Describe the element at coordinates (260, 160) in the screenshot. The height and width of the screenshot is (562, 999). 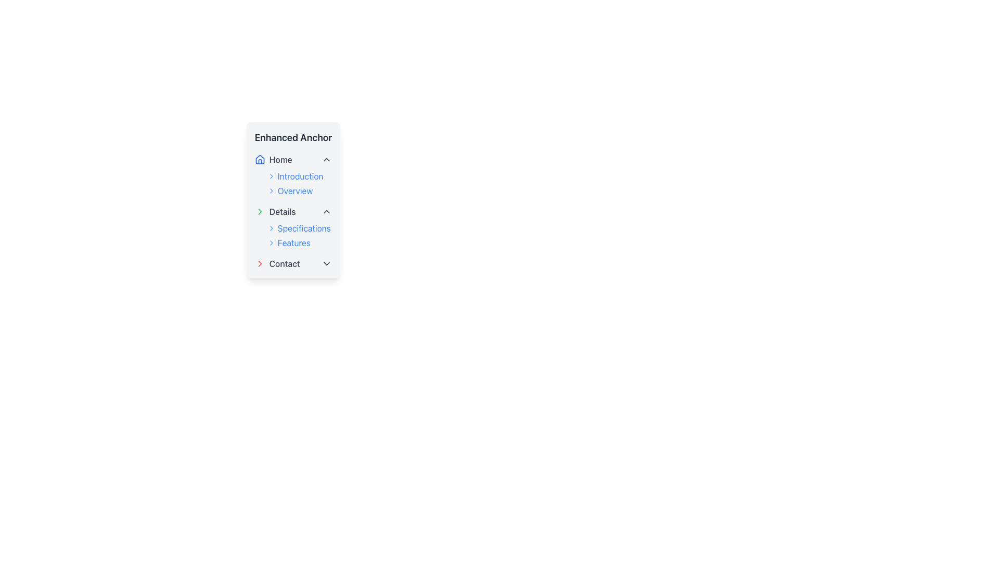
I see `the small blue house icon located to the left of the 'Home' text within the 'Enhanced Anchor' menu panel` at that location.